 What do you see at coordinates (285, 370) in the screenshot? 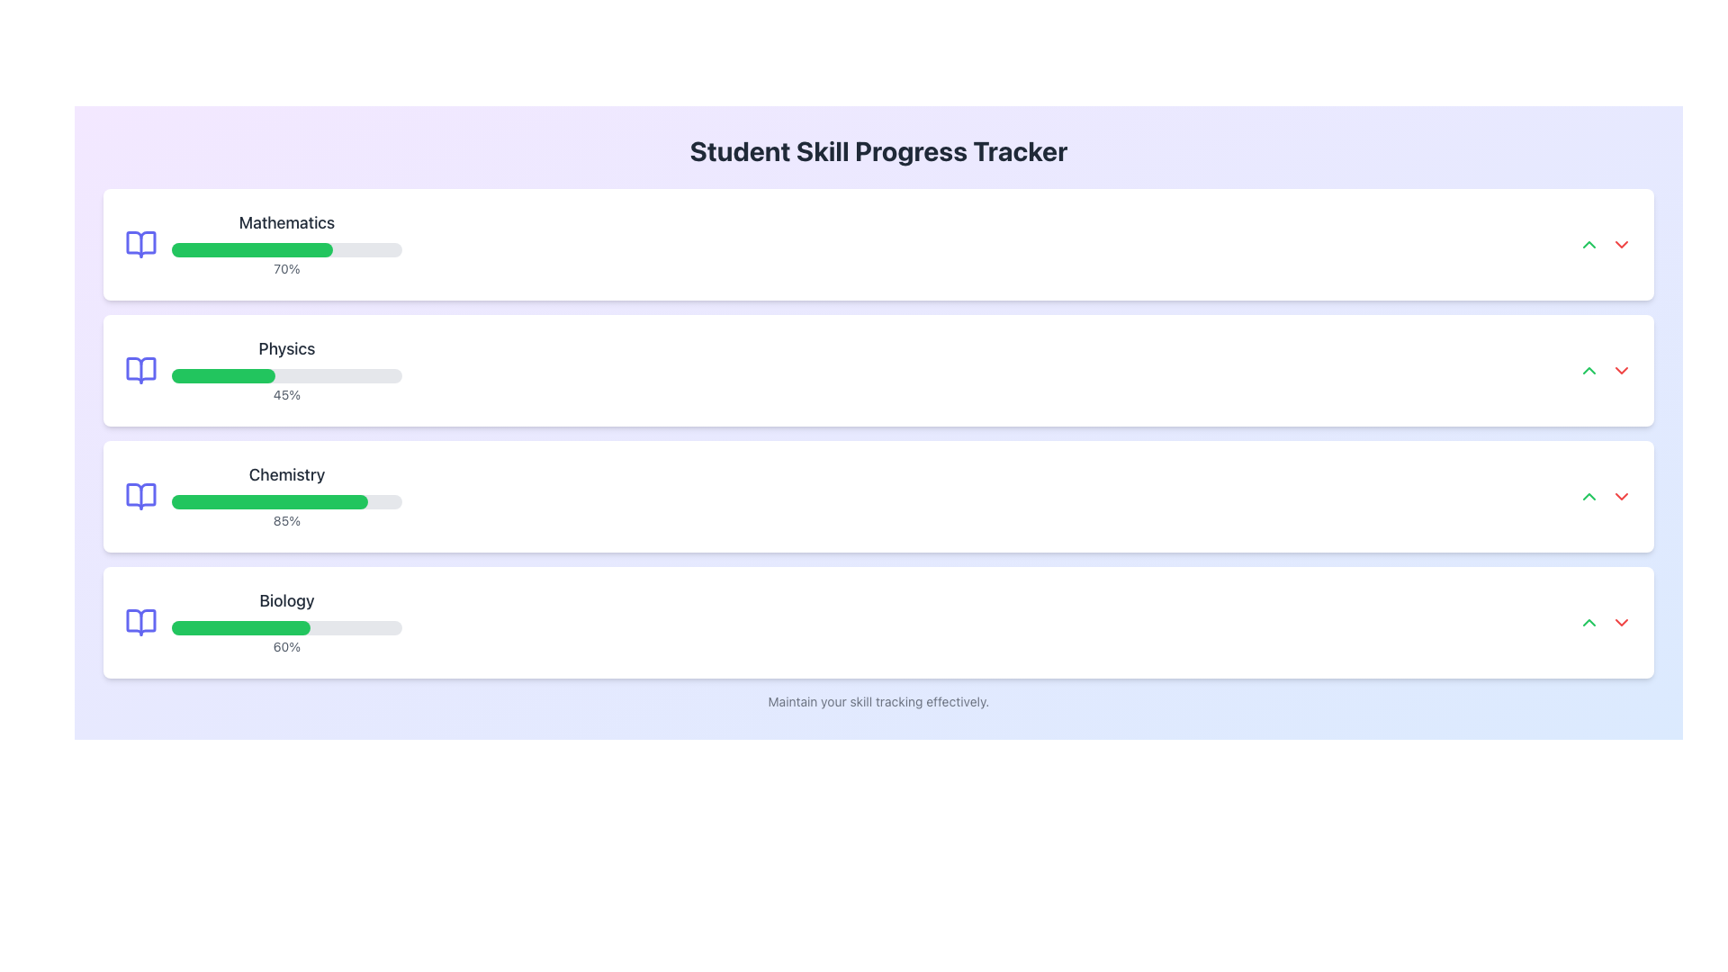
I see `progress percentage displayed below the 'Physics' progress bar in the 'Student Skill Progress Tracker' user interface` at bounding box center [285, 370].